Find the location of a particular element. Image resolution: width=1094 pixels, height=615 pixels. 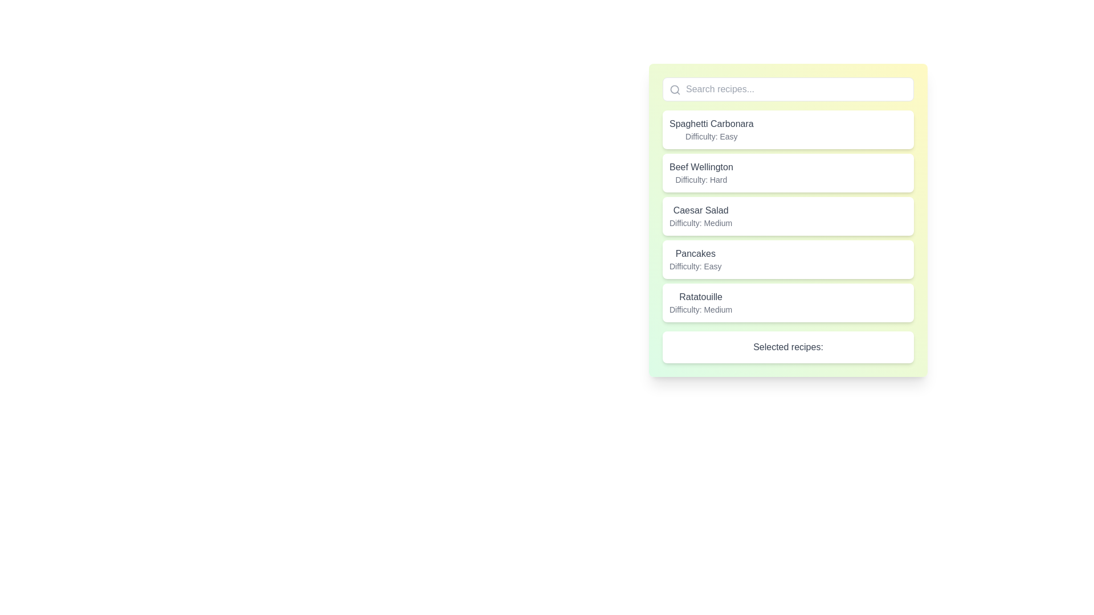

the text label displaying 'Difficulty: Medium' which provides contextual information for the recipe 'Ratatouille' is located at coordinates (700, 309).